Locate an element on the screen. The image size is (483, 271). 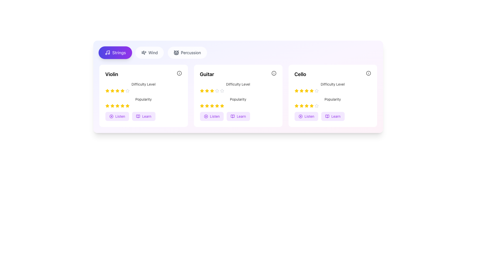
the 'Listen' button with a light purple background and a play icon located in the 'Cello' card to play an audio sample is located at coordinates (306, 116).